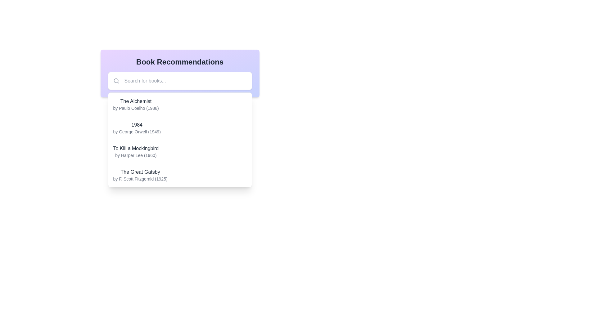  I want to click on the text display that shows information about a recommended book, including its title, author, and publication date, which is the first item in a vertical list of book recommendations, so click(136, 104).